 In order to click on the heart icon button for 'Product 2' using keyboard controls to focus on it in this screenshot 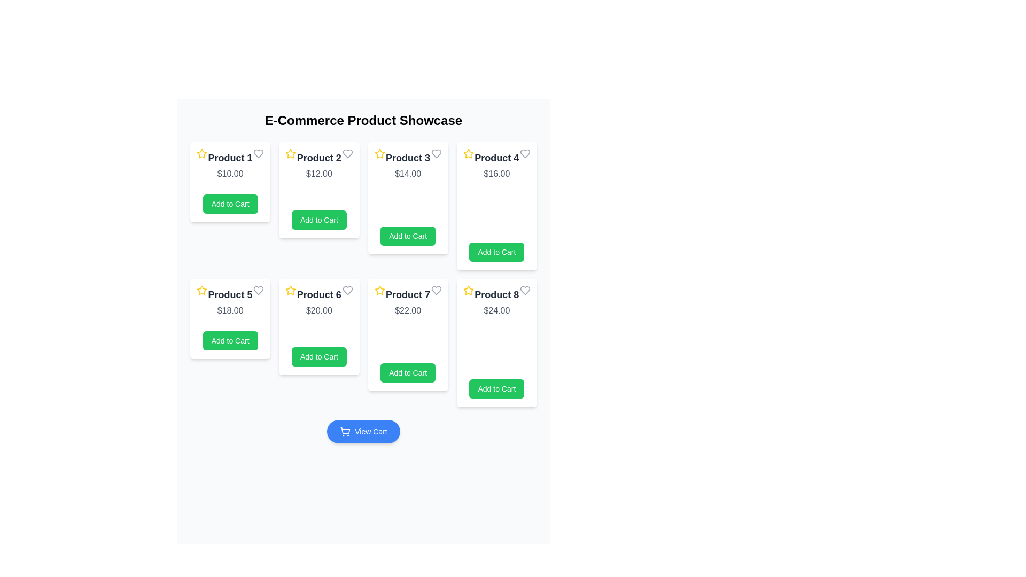, I will do `click(347, 154)`.